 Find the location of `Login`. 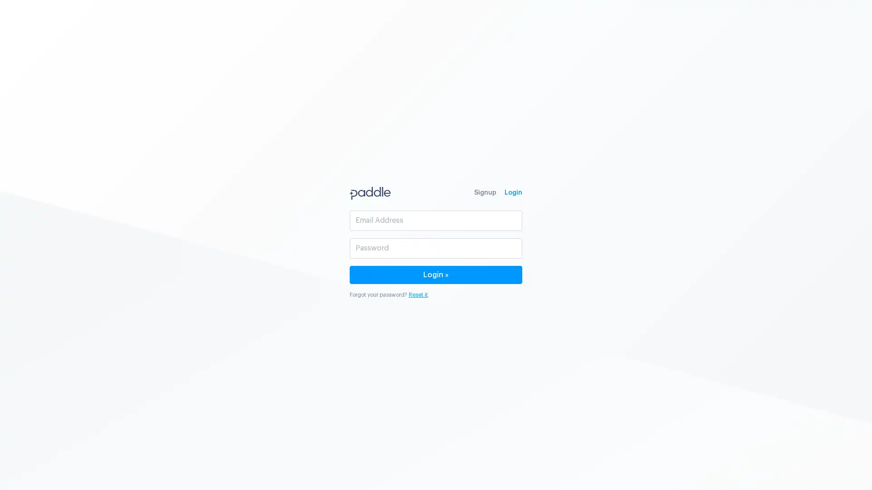

Login is located at coordinates (436, 274).